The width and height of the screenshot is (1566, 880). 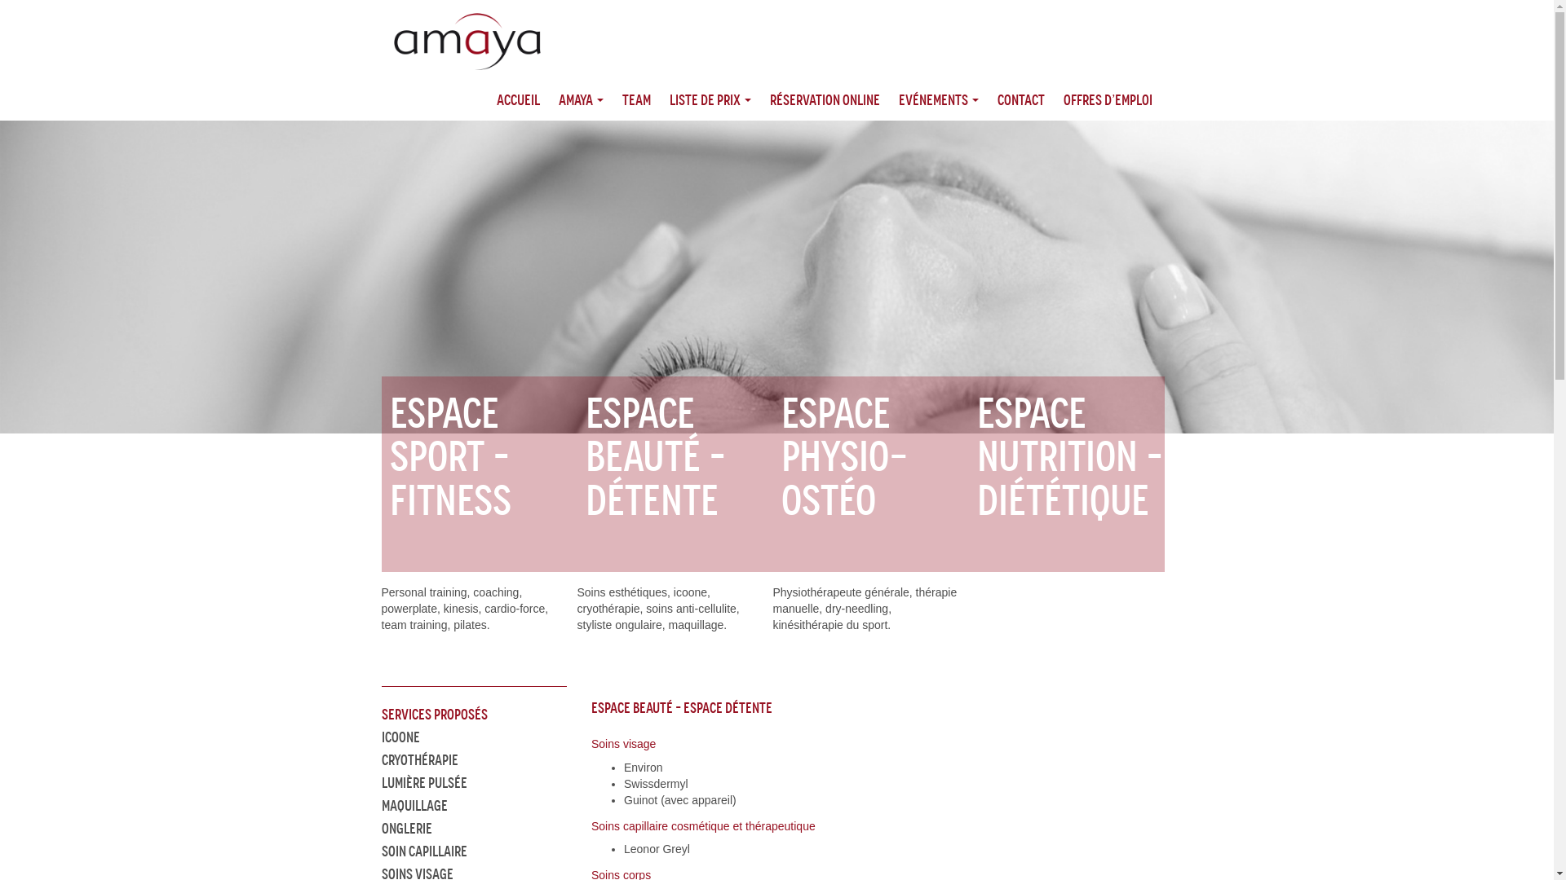 I want to click on 'TEAM', so click(x=635, y=100).